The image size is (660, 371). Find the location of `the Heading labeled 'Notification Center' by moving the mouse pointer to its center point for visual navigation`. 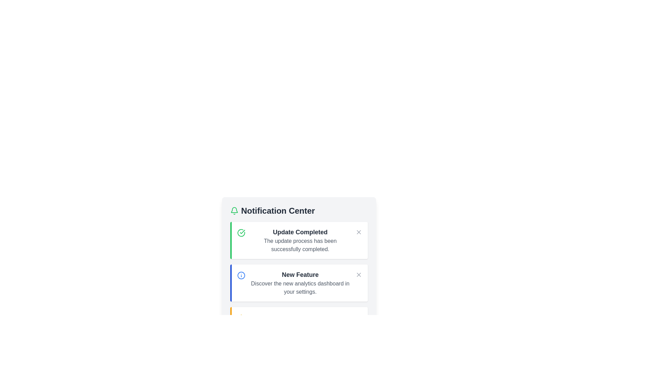

the Heading labeled 'Notification Center' by moving the mouse pointer to its center point for visual navigation is located at coordinates (278, 210).